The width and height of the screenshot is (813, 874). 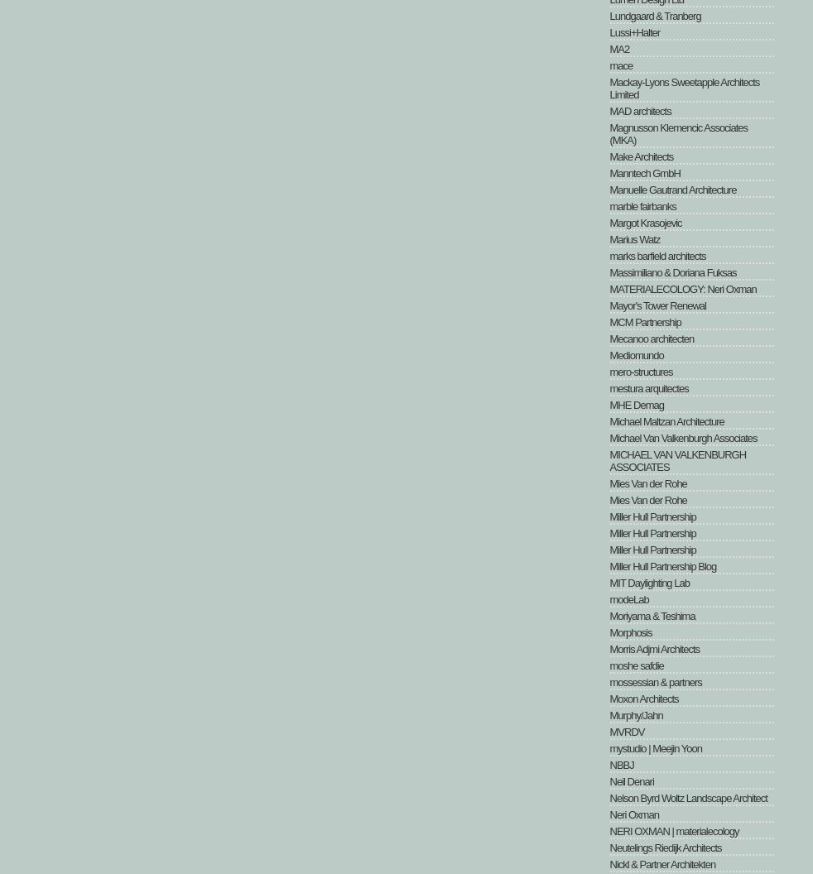 I want to click on 'MVRDV', so click(x=627, y=731).